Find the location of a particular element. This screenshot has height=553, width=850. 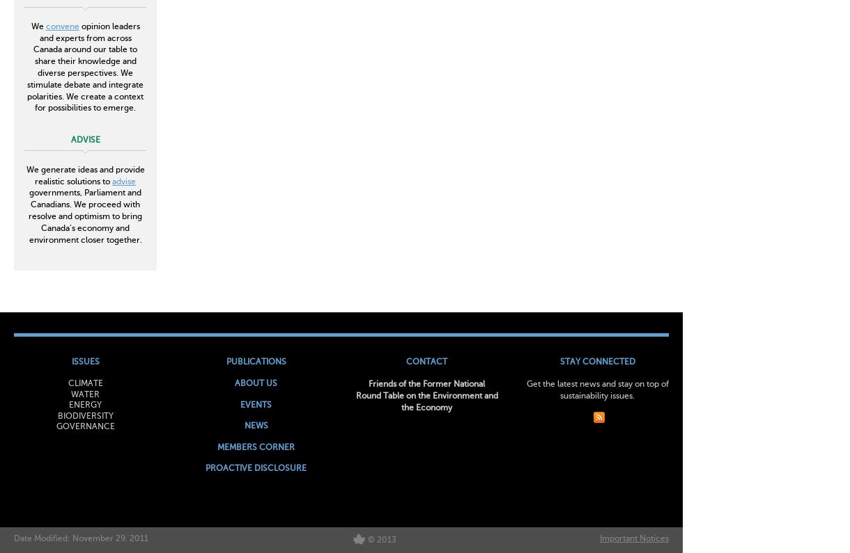

'PROACTIVE DISCLOSURE' is located at coordinates (255, 468).